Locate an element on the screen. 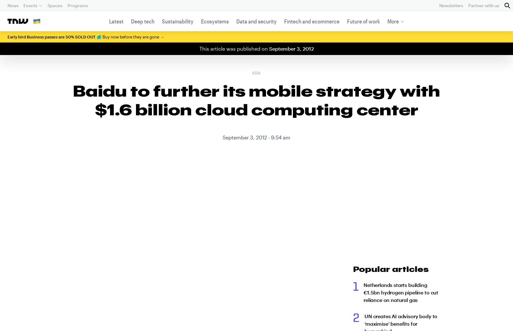 The height and width of the screenshot is (331, 513). 'Programs' is located at coordinates (77, 5).